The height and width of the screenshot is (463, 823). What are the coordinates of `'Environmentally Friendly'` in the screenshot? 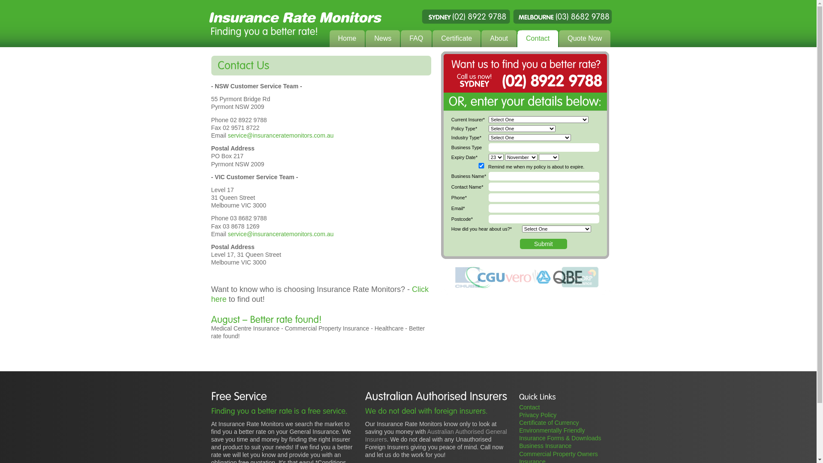 It's located at (552, 430).